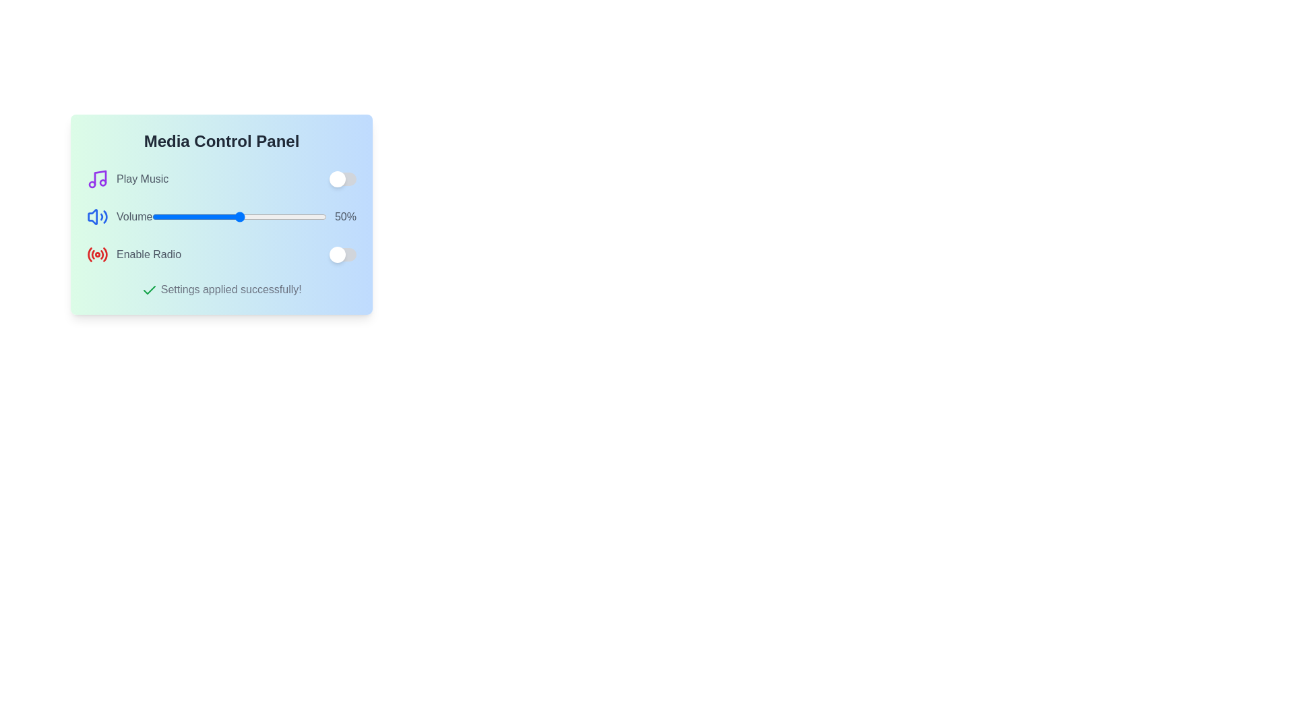 The width and height of the screenshot is (1294, 728). I want to click on the toggle knob, a small circular component with a white background located at the leftmost point of the toggle switch in the 'Enable Radio' section of the Media Control Panel, so click(337, 255).